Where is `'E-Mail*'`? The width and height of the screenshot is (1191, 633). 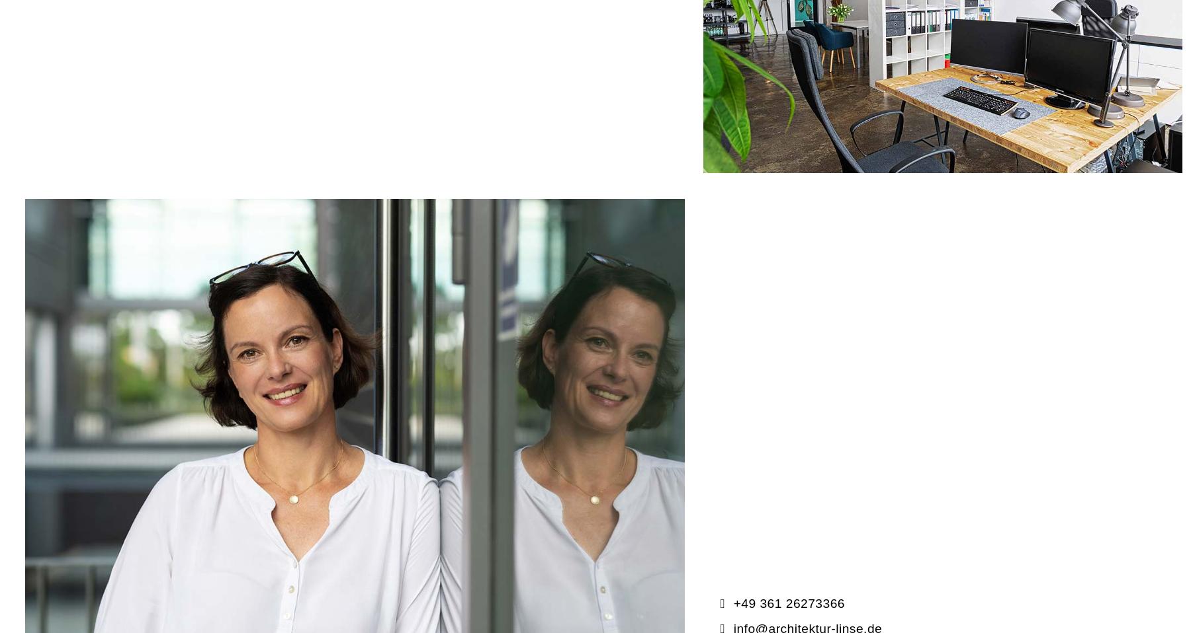 'E-Mail*' is located at coordinates (39, 248).